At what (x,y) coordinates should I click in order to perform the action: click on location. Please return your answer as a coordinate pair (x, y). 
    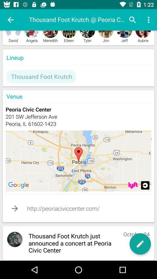
    Looking at the image, I should click on (133, 185).